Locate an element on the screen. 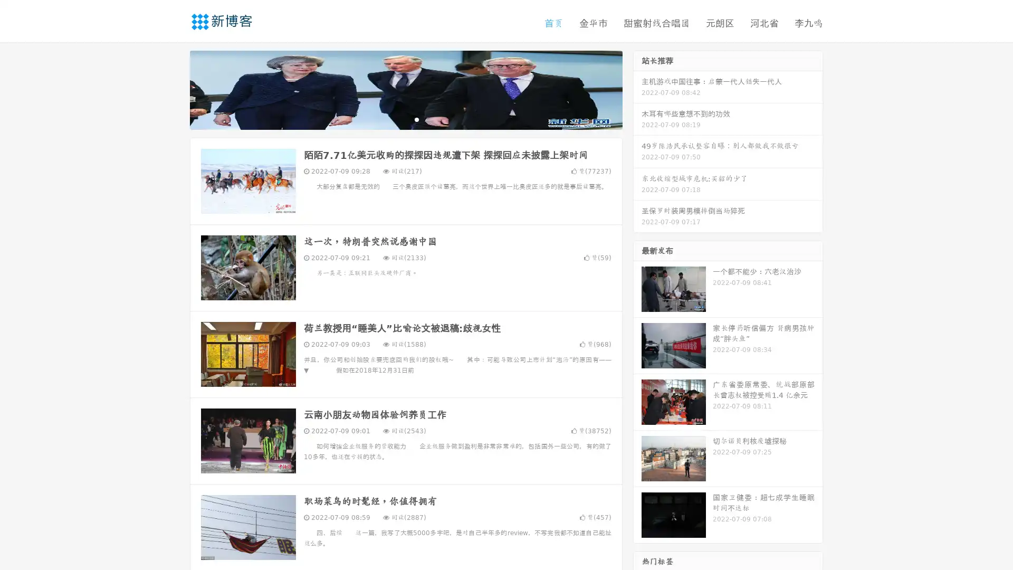 This screenshot has width=1013, height=570. Go to slide 2 is located at coordinates (405, 119).